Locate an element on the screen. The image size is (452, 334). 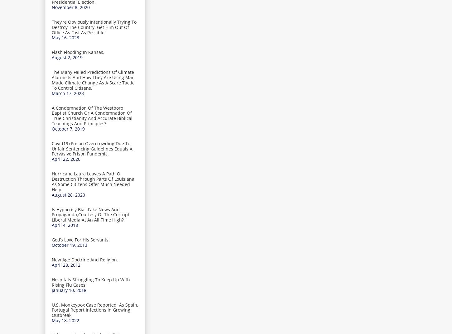
'October 7, 2019' is located at coordinates (51, 128).